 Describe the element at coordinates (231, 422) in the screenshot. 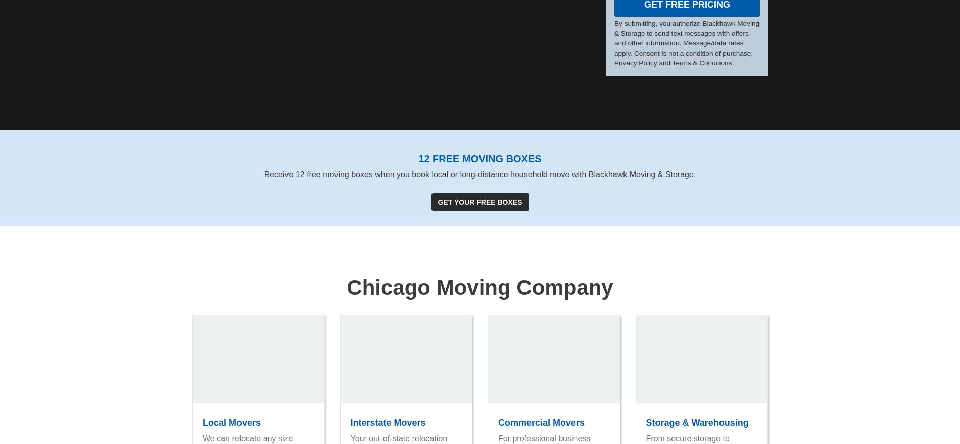

I see `'Local Movers'` at that location.